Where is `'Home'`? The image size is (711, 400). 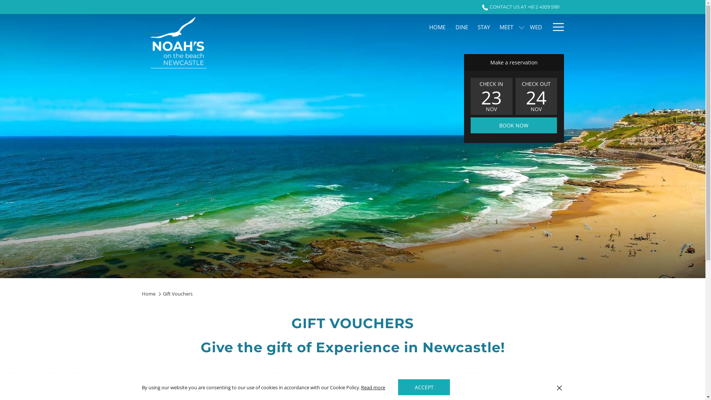
'Home' is located at coordinates (148, 293).